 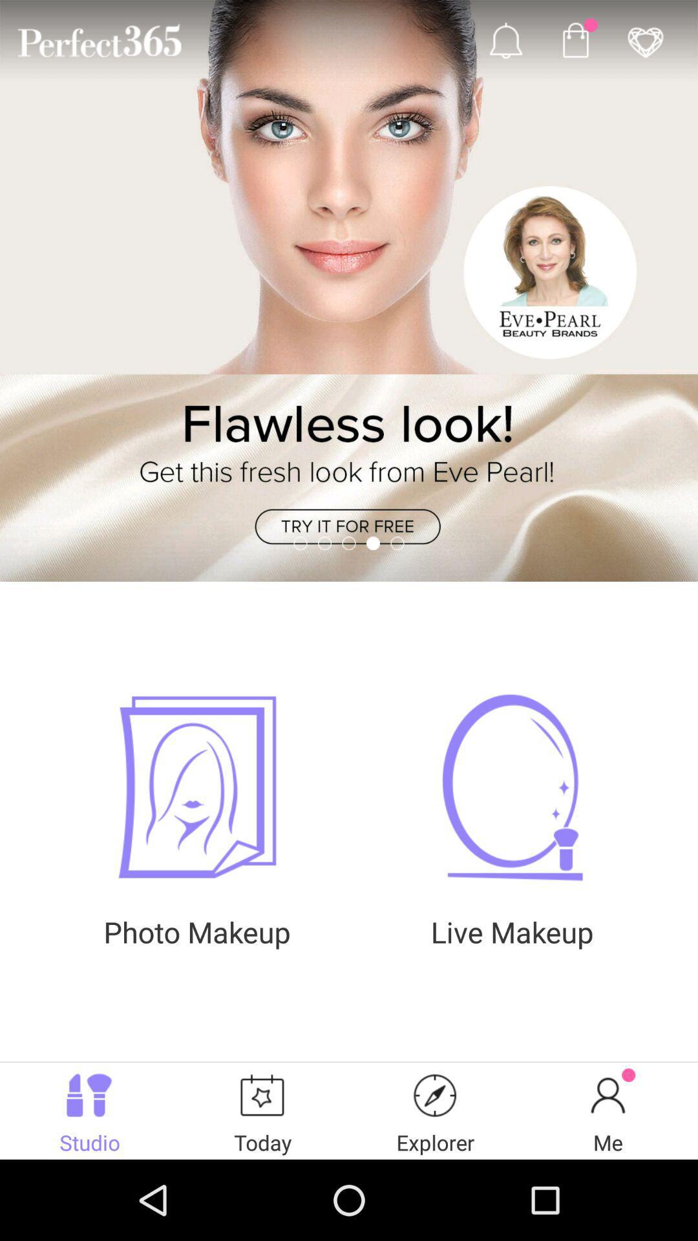 What do you see at coordinates (505, 43) in the screenshot?
I see `the notifications icon` at bounding box center [505, 43].